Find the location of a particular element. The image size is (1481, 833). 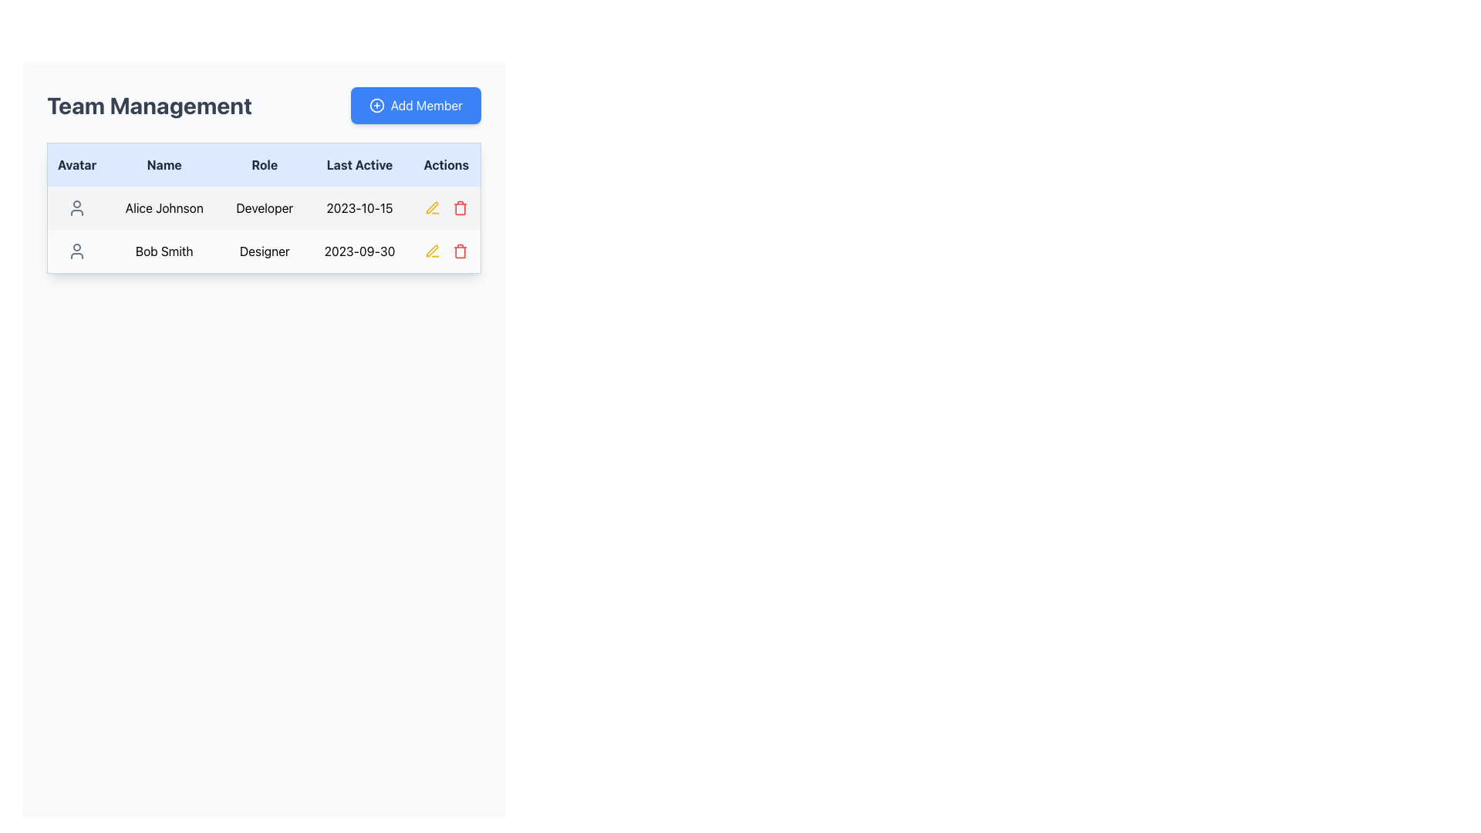

the avatar icon representing 'Bob Smith' in the team management table, which is displayed as a generic user silhouette in a muted gray color, located in the 'Avatar' column is located at coordinates (76, 251).